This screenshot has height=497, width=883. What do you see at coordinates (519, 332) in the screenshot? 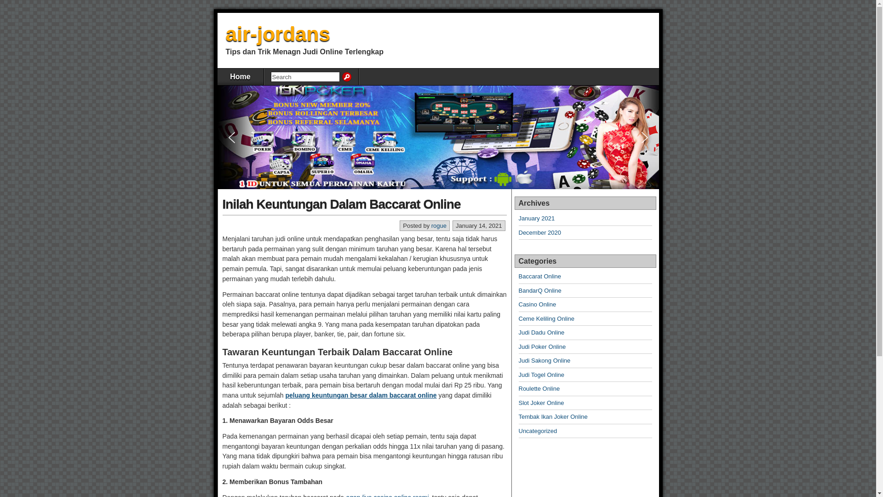
I see `'Judi Dadu Online'` at bounding box center [519, 332].